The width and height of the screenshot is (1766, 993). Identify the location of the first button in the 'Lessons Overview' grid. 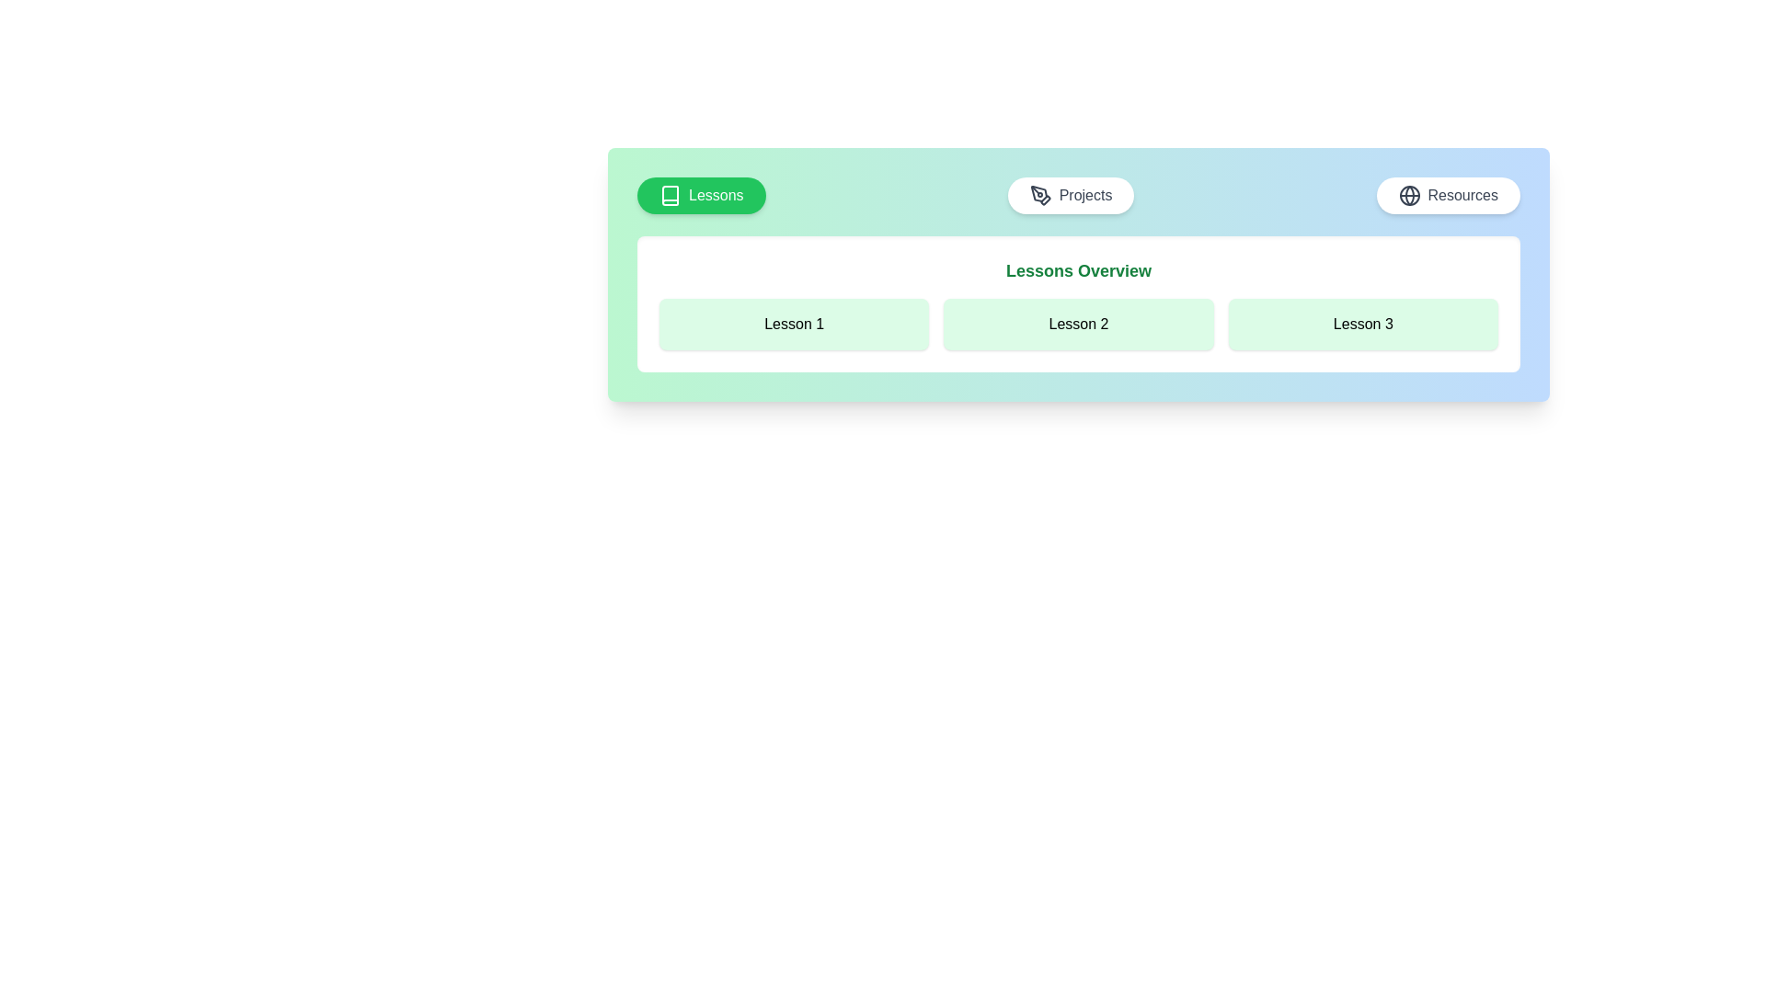
(794, 324).